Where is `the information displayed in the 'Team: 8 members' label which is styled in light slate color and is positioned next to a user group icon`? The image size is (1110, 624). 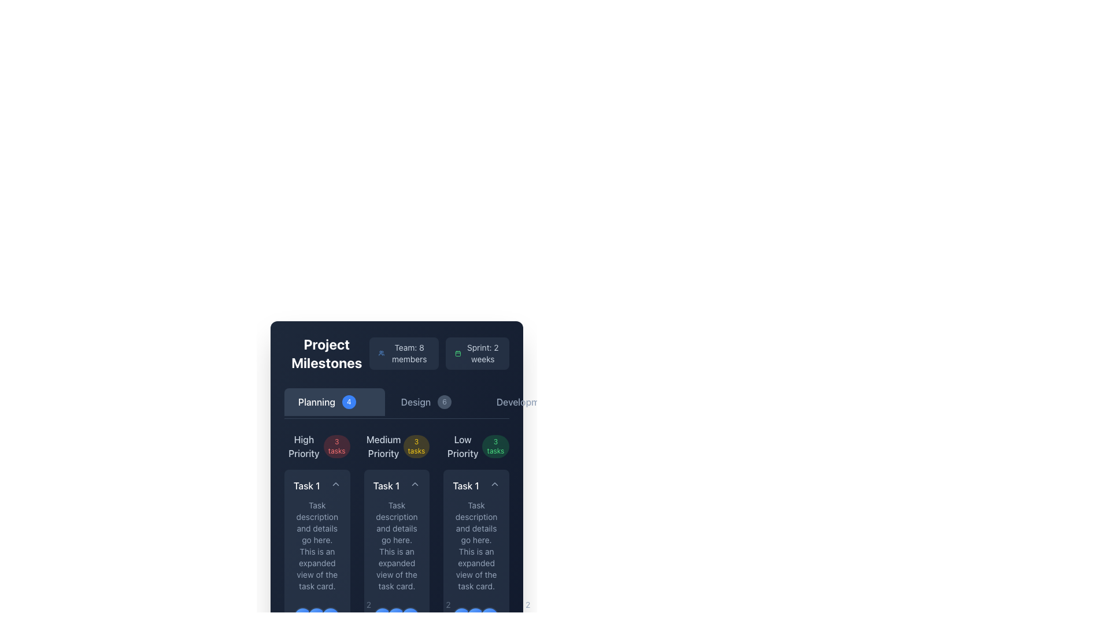
the information displayed in the 'Team: 8 members' label which is styled in light slate color and is positioned next to a user group icon is located at coordinates (397, 353).